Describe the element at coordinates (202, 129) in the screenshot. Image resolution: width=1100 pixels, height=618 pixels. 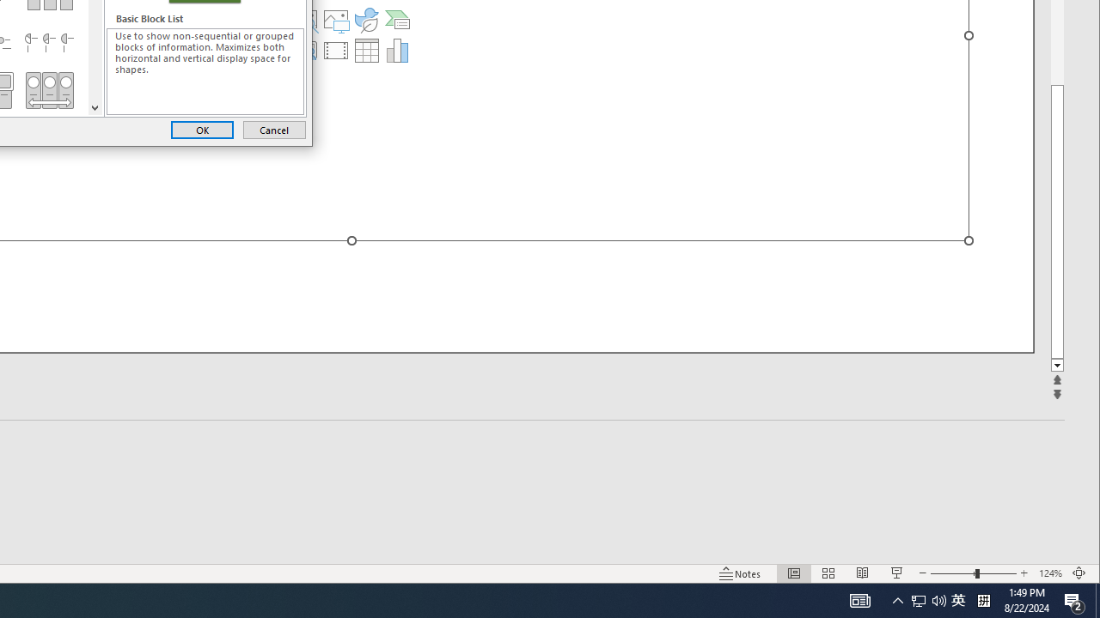
I see `'OK'` at that location.